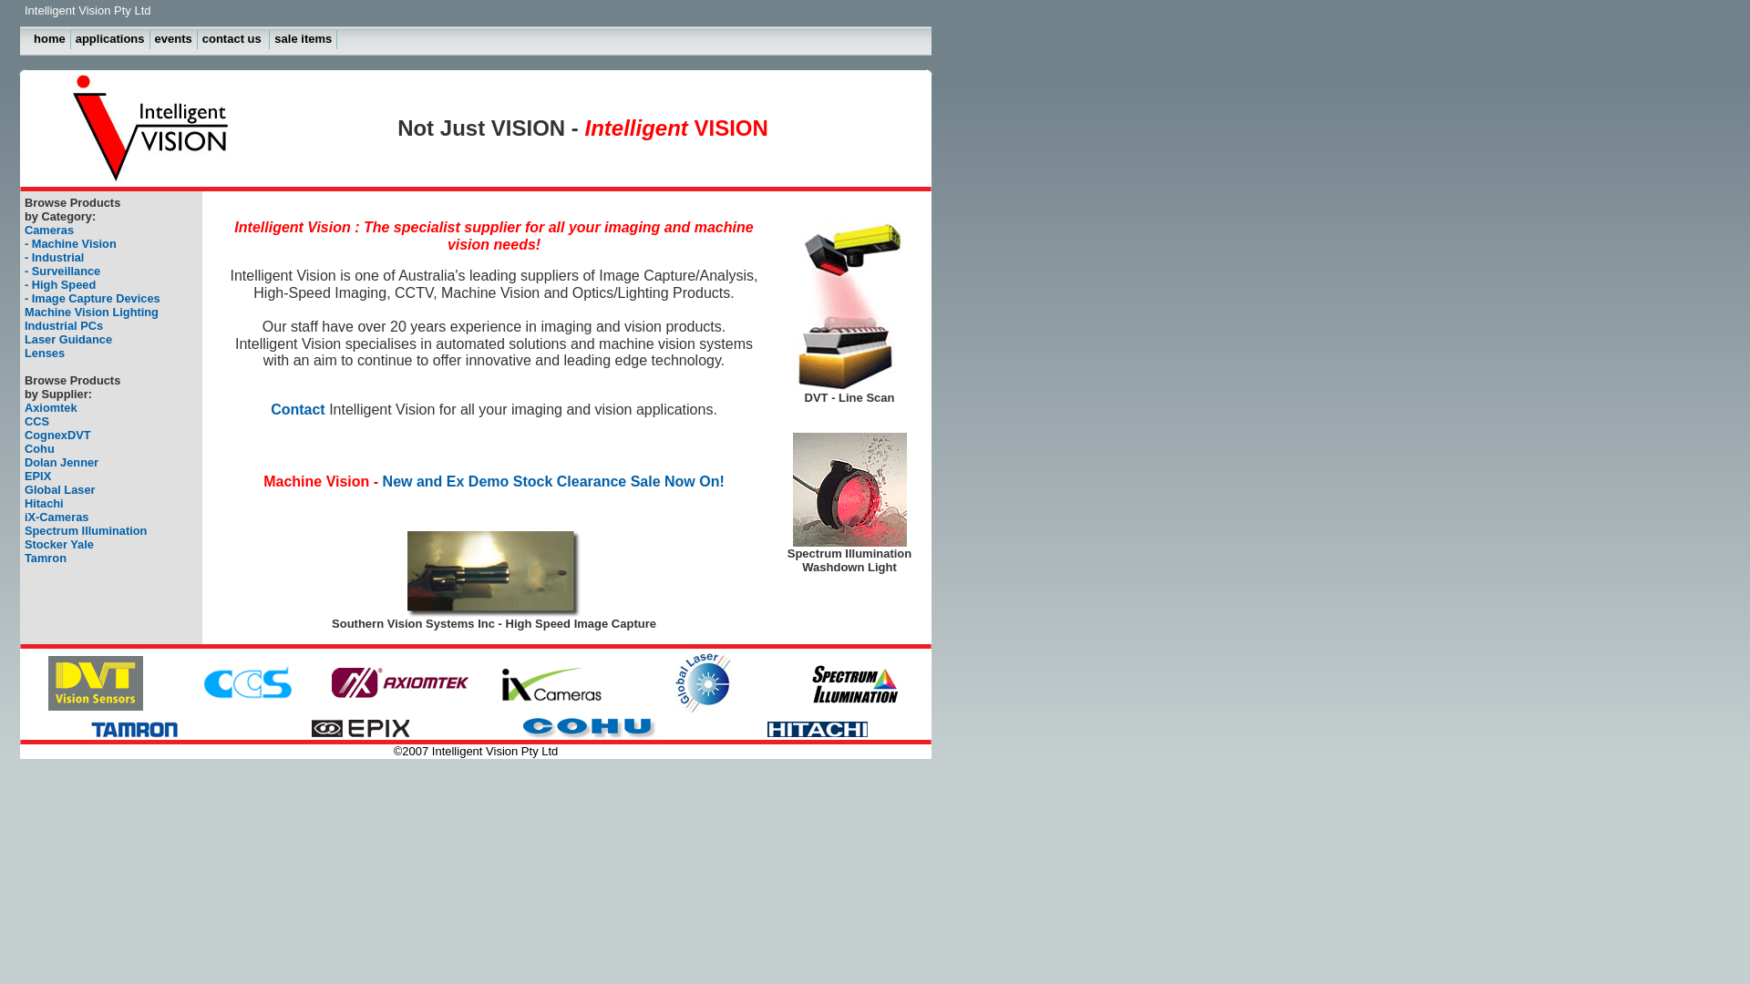 Image resolution: width=1750 pixels, height=984 pixels. What do you see at coordinates (60, 488) in the screenshot?
I see `'Global Laser'` at bounding box center [60, 488].